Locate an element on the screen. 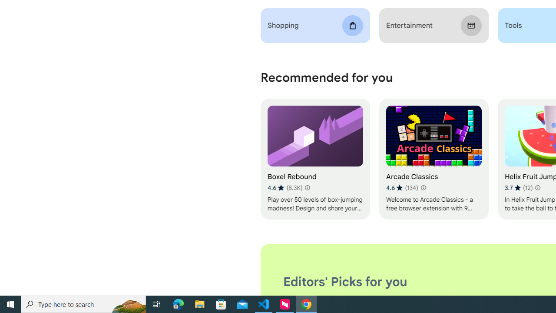 The width and height of the screenshot is (556, 313). 'Average rating 3.7 out of 5 stars. 12 ratings.' is located at coordinates (519, 187).